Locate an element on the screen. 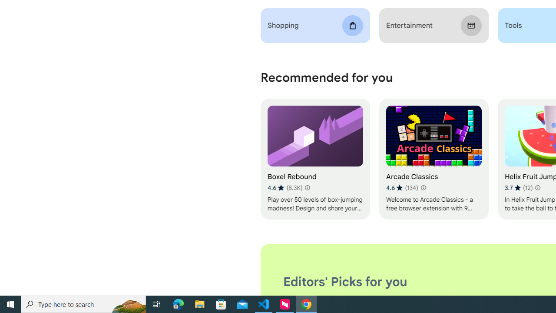 The width and height of the screenshot is (556, 313). 'Average rating 3.7 out of 5 stars. 12 ratings.' is located at coordinates (519, 187).